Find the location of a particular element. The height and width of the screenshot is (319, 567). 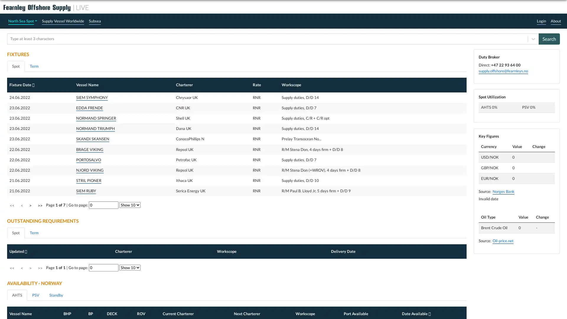

Search is located at coordinates (549, 39).